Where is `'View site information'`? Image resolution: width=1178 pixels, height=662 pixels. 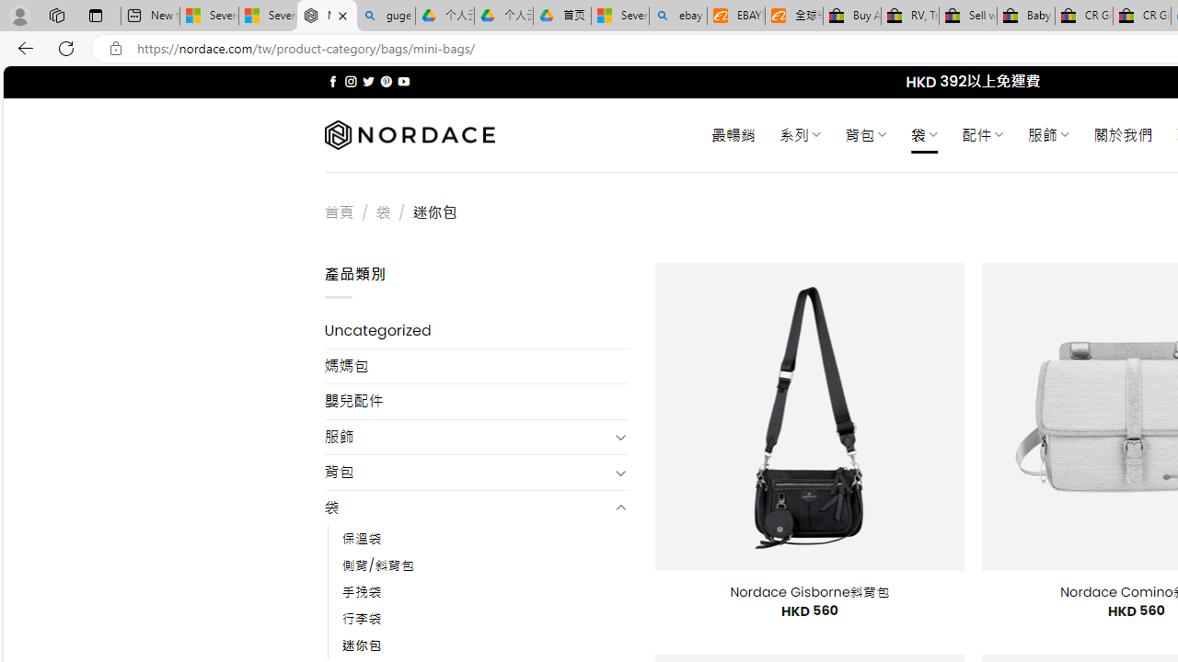
'View site information' is located at coordinates (115, 48).